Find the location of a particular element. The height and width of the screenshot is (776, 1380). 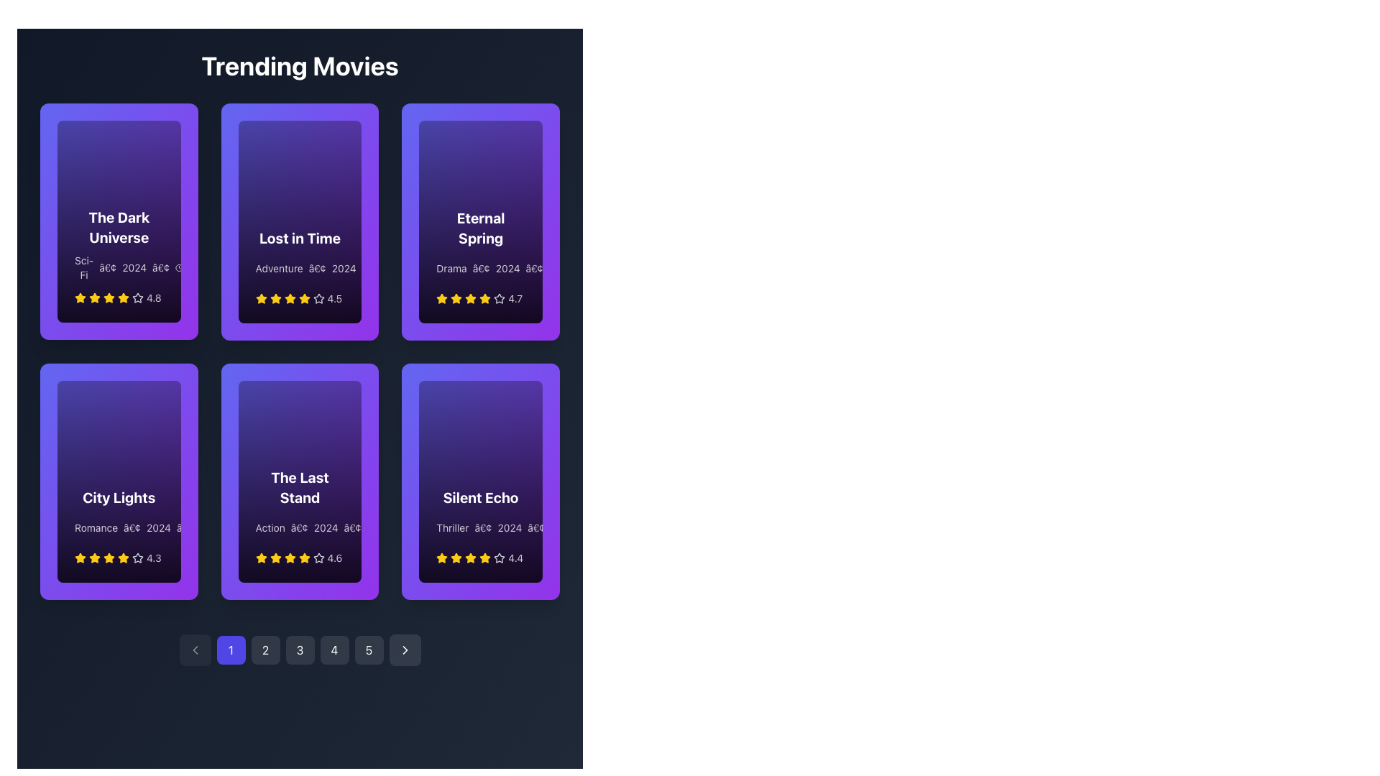

the play icon in the upper-right area of the 'The Dark Universe' interactive card is located at coordinates (173, 133).